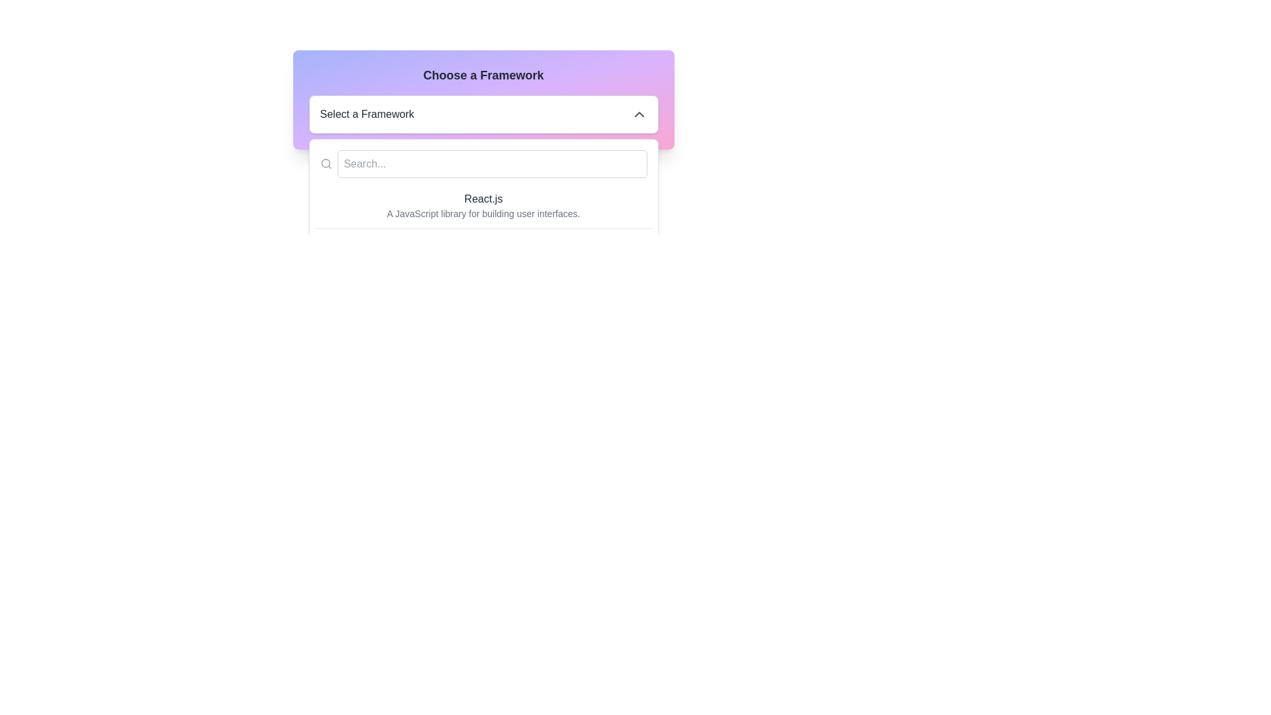 The height and width of the screenshot is (715, 1271). What do you see at coordinates (326, 163) in the screenshot?
I see `the inner circle of the magnifying glass icon, which represents the lens for search functionality` at bounding box center [326, 163].